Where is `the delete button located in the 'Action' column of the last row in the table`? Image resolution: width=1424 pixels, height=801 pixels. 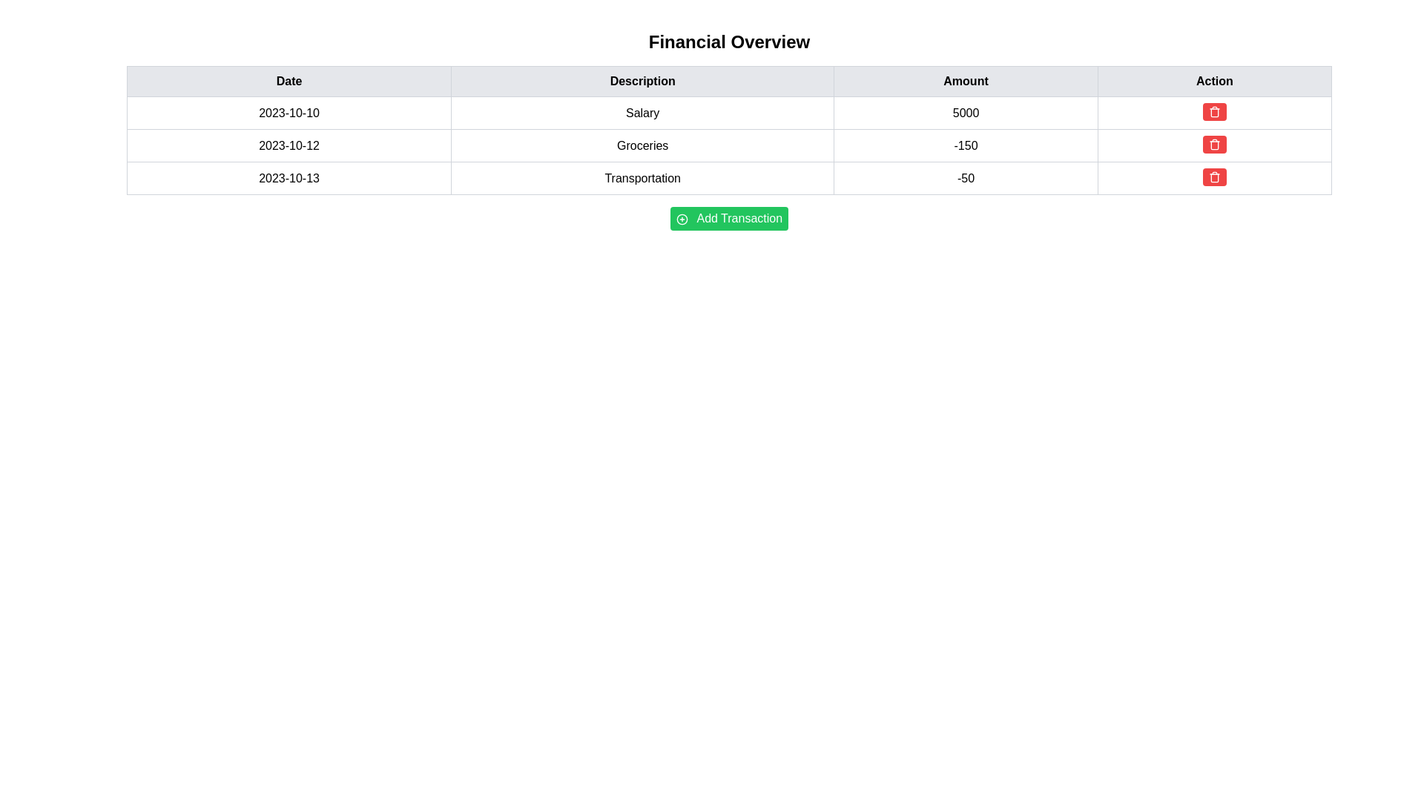 the delete button located in the 'Action' column of the last row in the table is located at coordinates (1214, 177).